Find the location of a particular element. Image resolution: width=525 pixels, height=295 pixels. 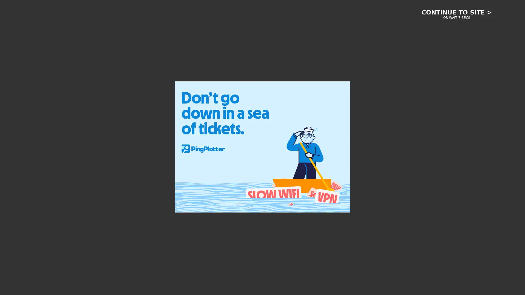

Toggle Search is located at coordinates (383, 28).